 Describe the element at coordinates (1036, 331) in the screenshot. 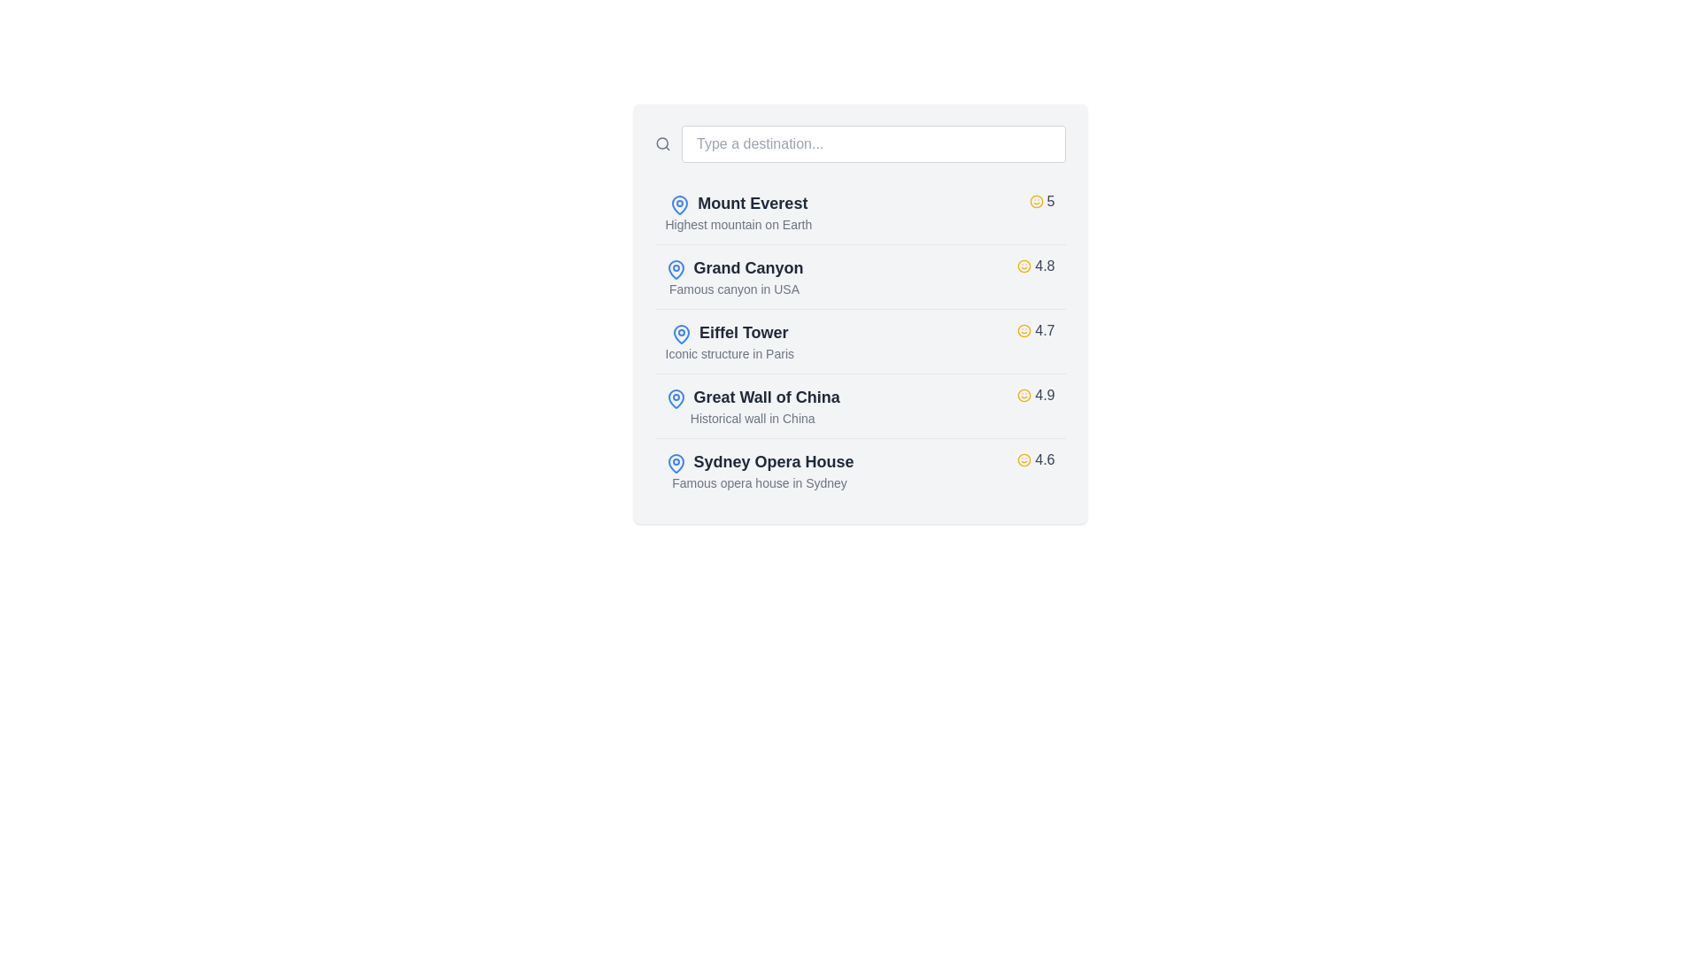

I see `the numerical rating display ('4.7') next to the yellow smiley face icon for the 'Eiffel Tower' attraction, located on the right-hand side of the row` at that location.